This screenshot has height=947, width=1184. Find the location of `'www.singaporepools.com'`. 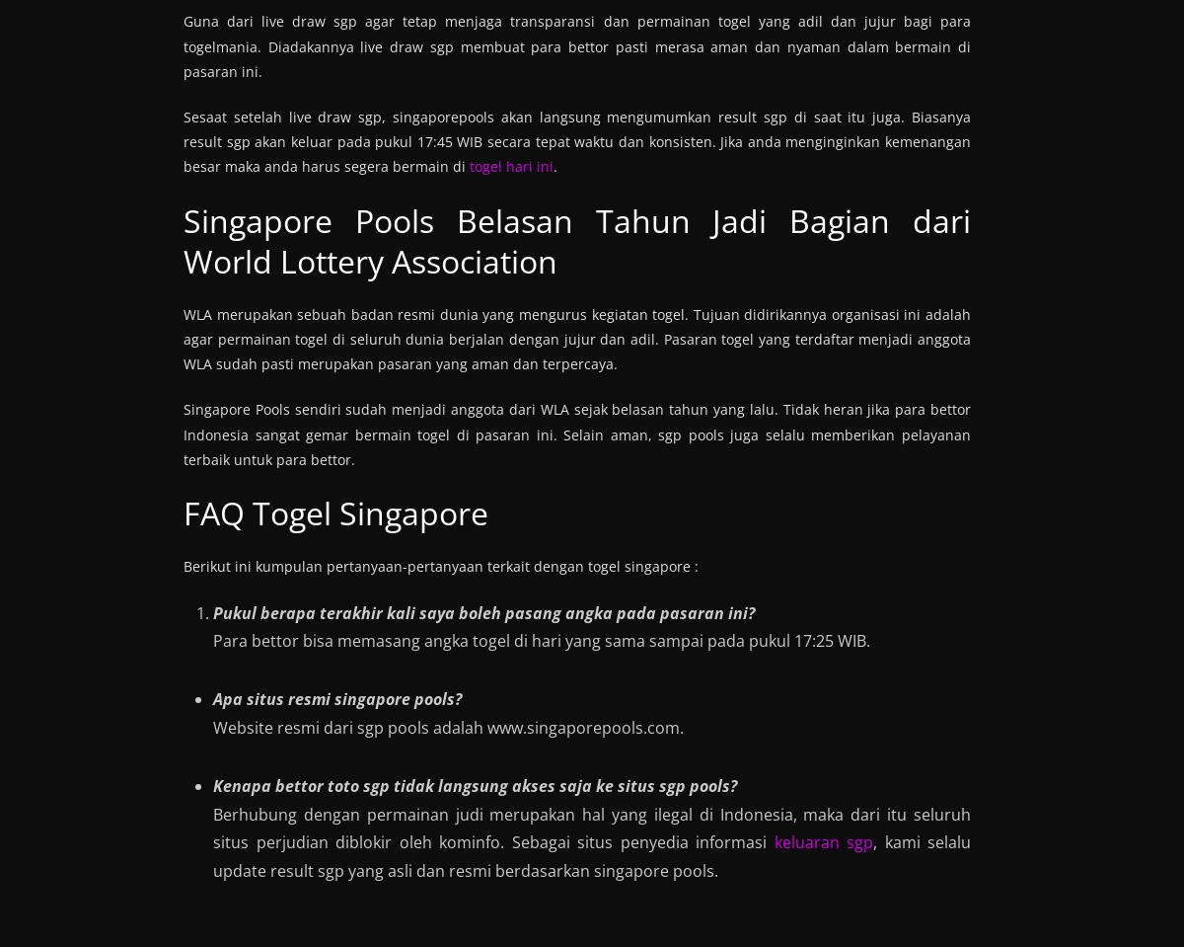

'www.singaporepools.com' is located at coordinates (582, 726).